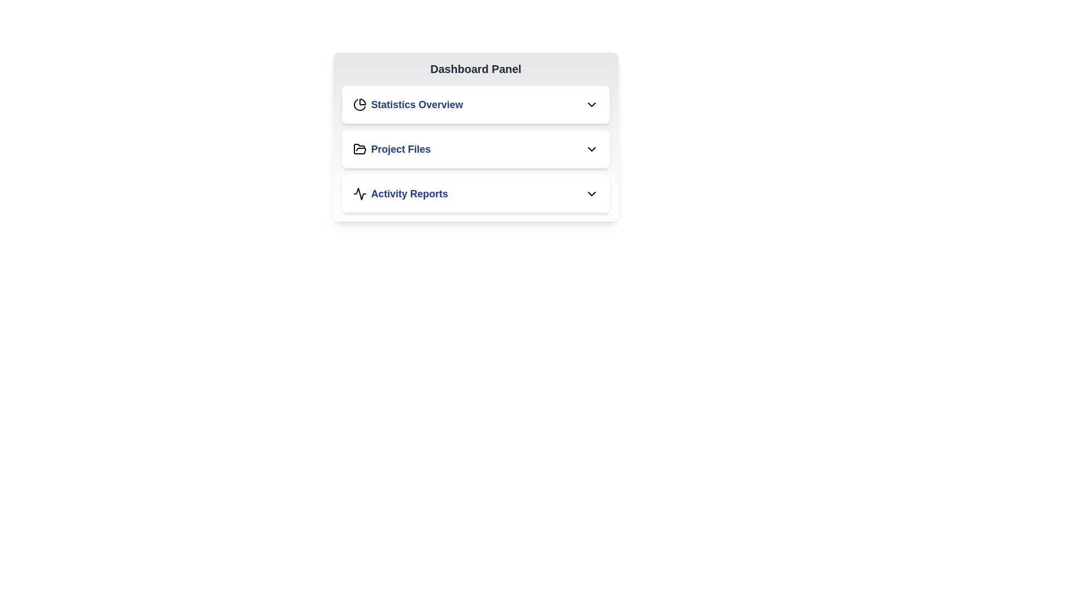 The height and width of the screenshot is (602, 1070). Describe the element at coordinates (476, 105) in the screenshot. I see `the section titled 'Statistics Overview' to observe its hover effect` at that location.